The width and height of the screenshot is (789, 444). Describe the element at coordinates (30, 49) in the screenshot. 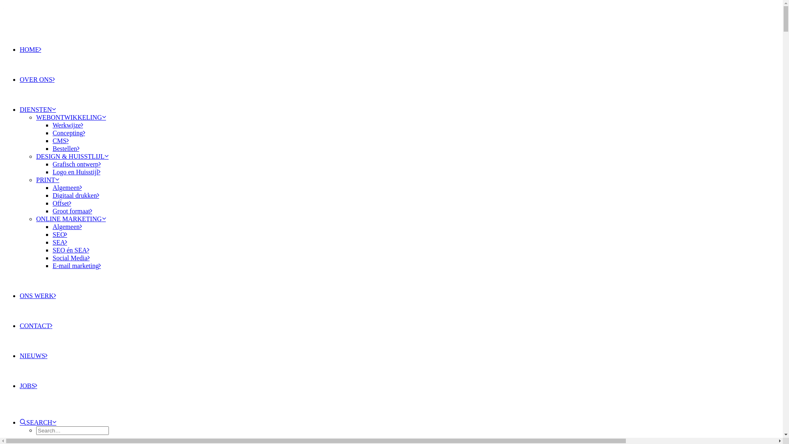

I see `'HOME'` at that location.